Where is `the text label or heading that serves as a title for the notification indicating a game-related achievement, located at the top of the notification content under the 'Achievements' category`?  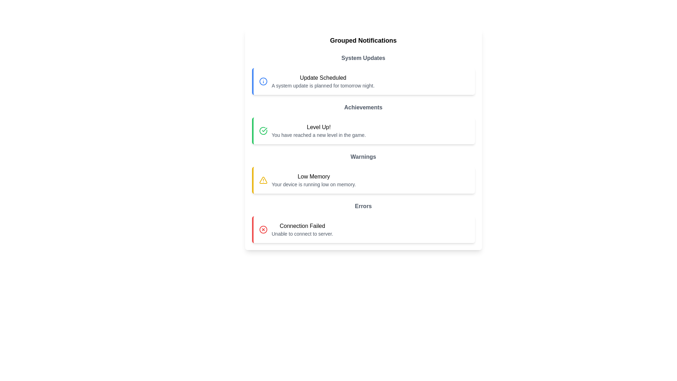
the text label or heading that serves as a title for the notification indicating a game-related achievement, located at the top of the notification content under the 'Achievements' category is located at coordinates (318, 127).